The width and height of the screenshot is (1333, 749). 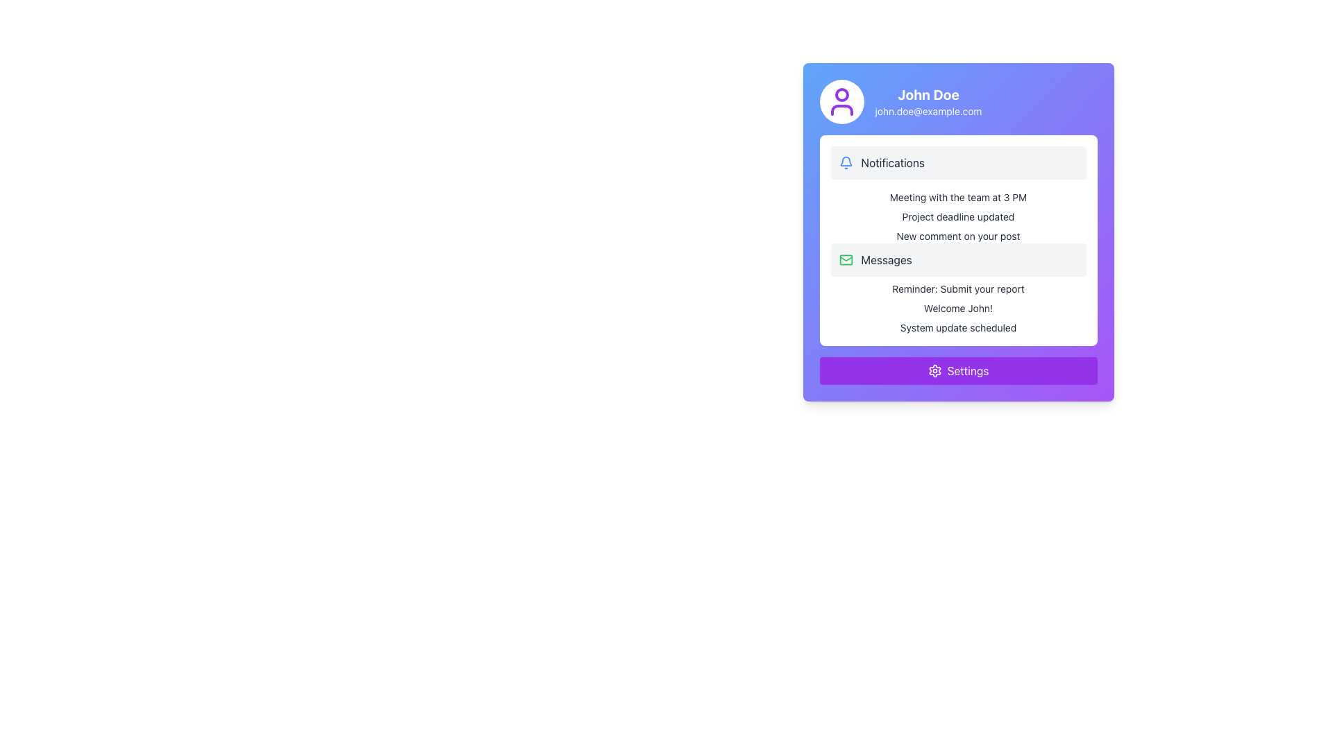 What do you see at coordinates (934, 370) in the screenshot?
I see `the settings icon located at the bottom center of the purple box` at bounding box center [934, 370].